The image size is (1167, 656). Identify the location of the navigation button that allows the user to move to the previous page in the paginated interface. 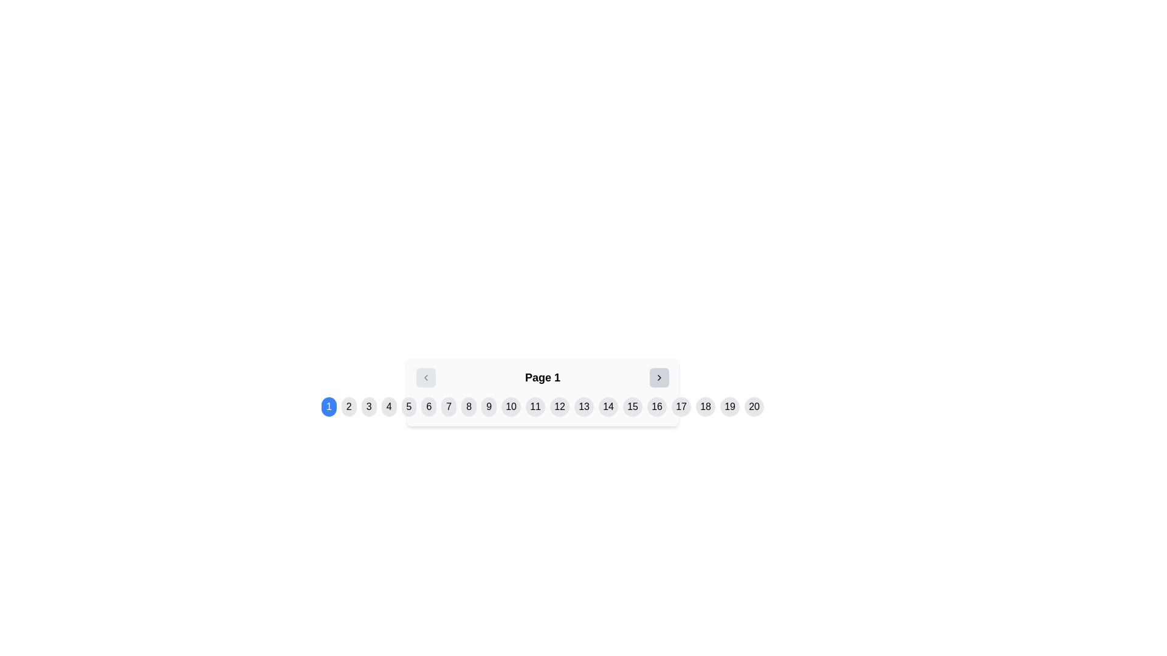
(425, 377).